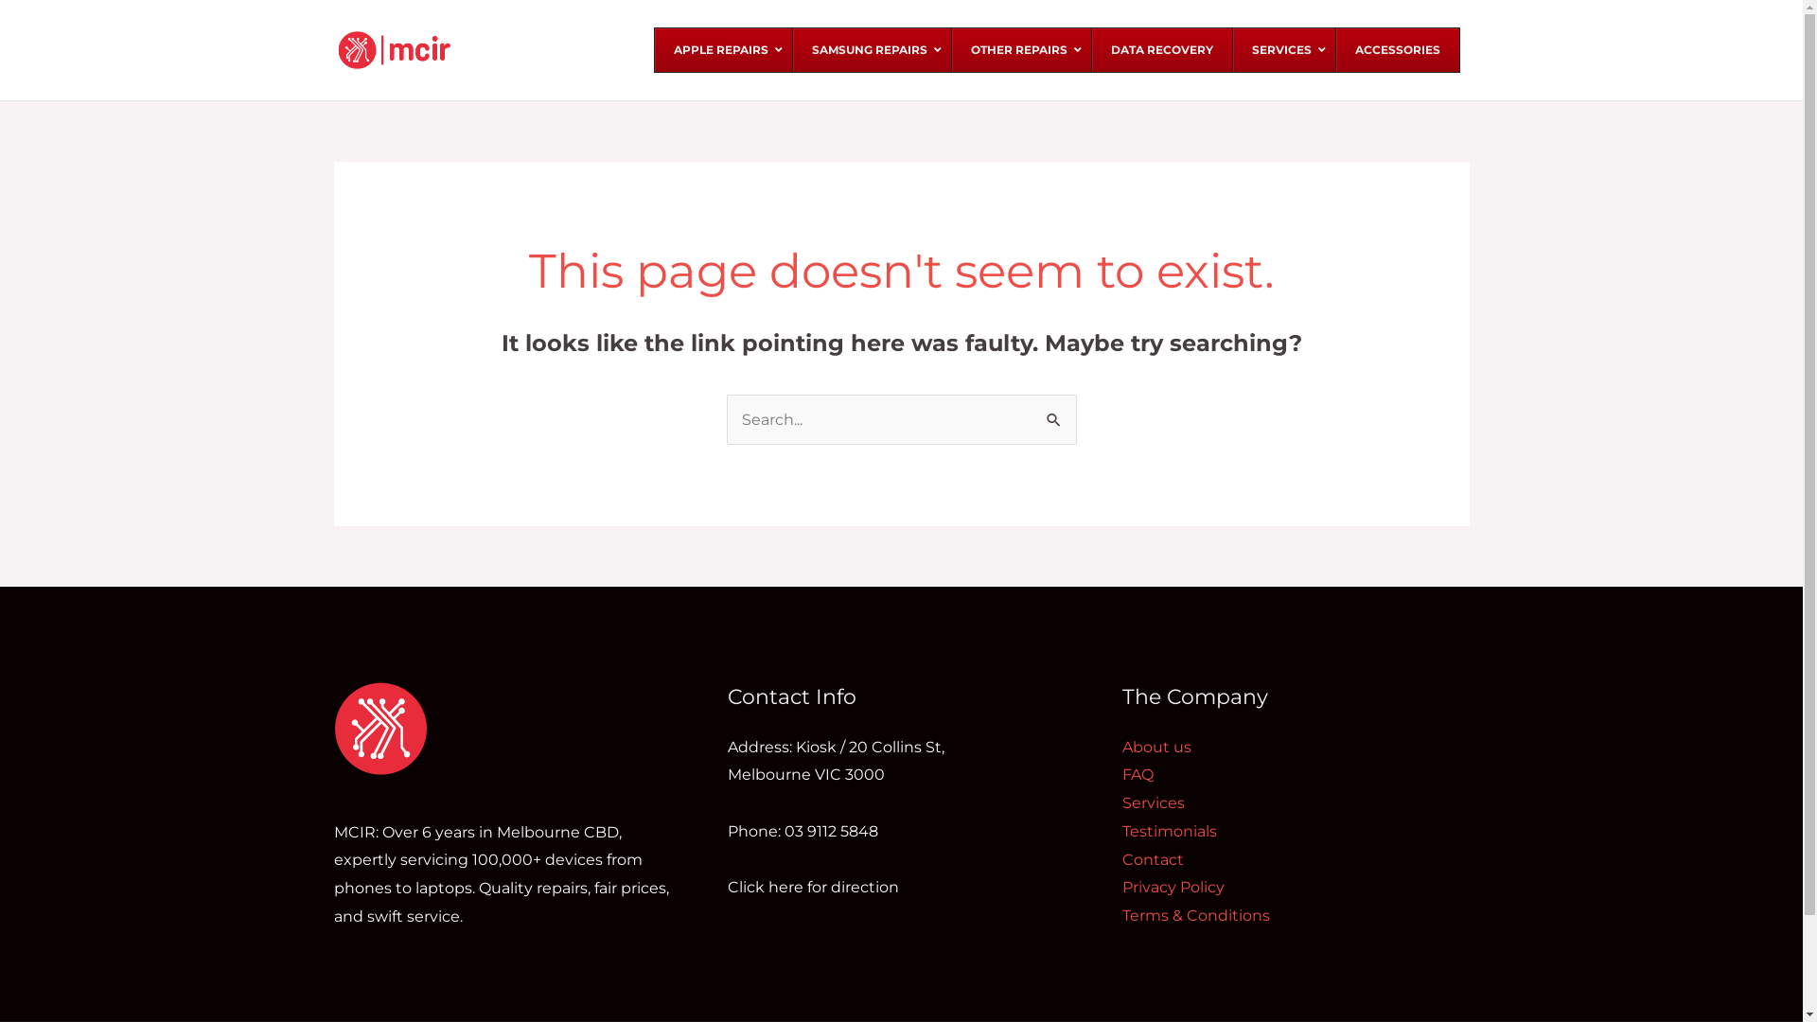 This screenshot has width=1817, height=1022. Describe the element at coordinates (1283, 49) in the screenshot. I see `'SERVICES'` at that location.